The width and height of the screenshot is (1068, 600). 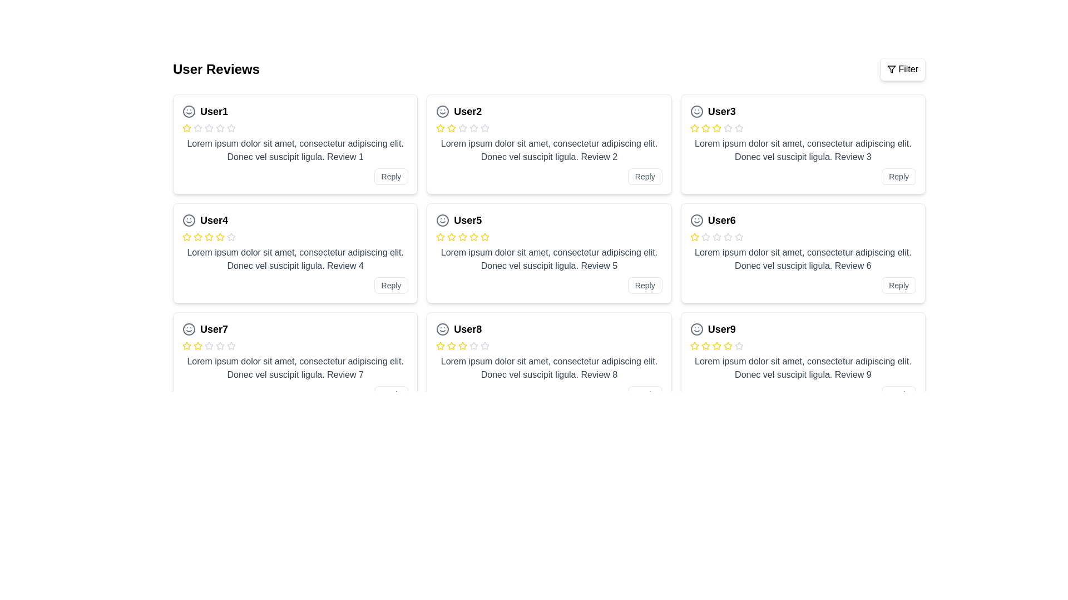 What do you see at coordinates (803, 150) in the screenshot?
I see `feedback content from the text block located in the review card for user 'User3', positioned below the user identifier and rating stars, and above the reply button` at bounding box center [803, 150].